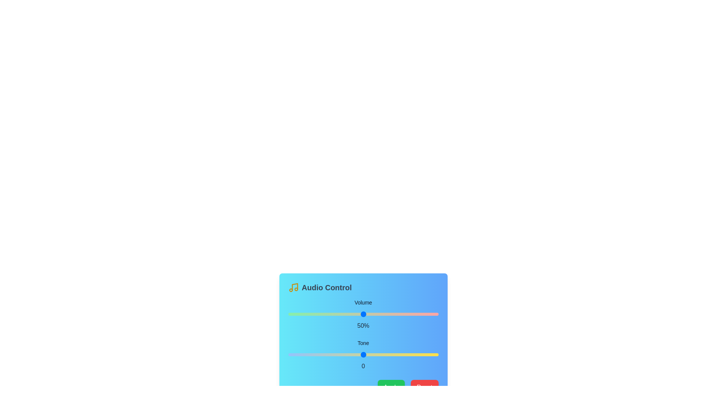 Image resolution: width=721 pixels, height=405 pixels. I want to click on the Reset button to reset the audio settings, so click(424, 387).